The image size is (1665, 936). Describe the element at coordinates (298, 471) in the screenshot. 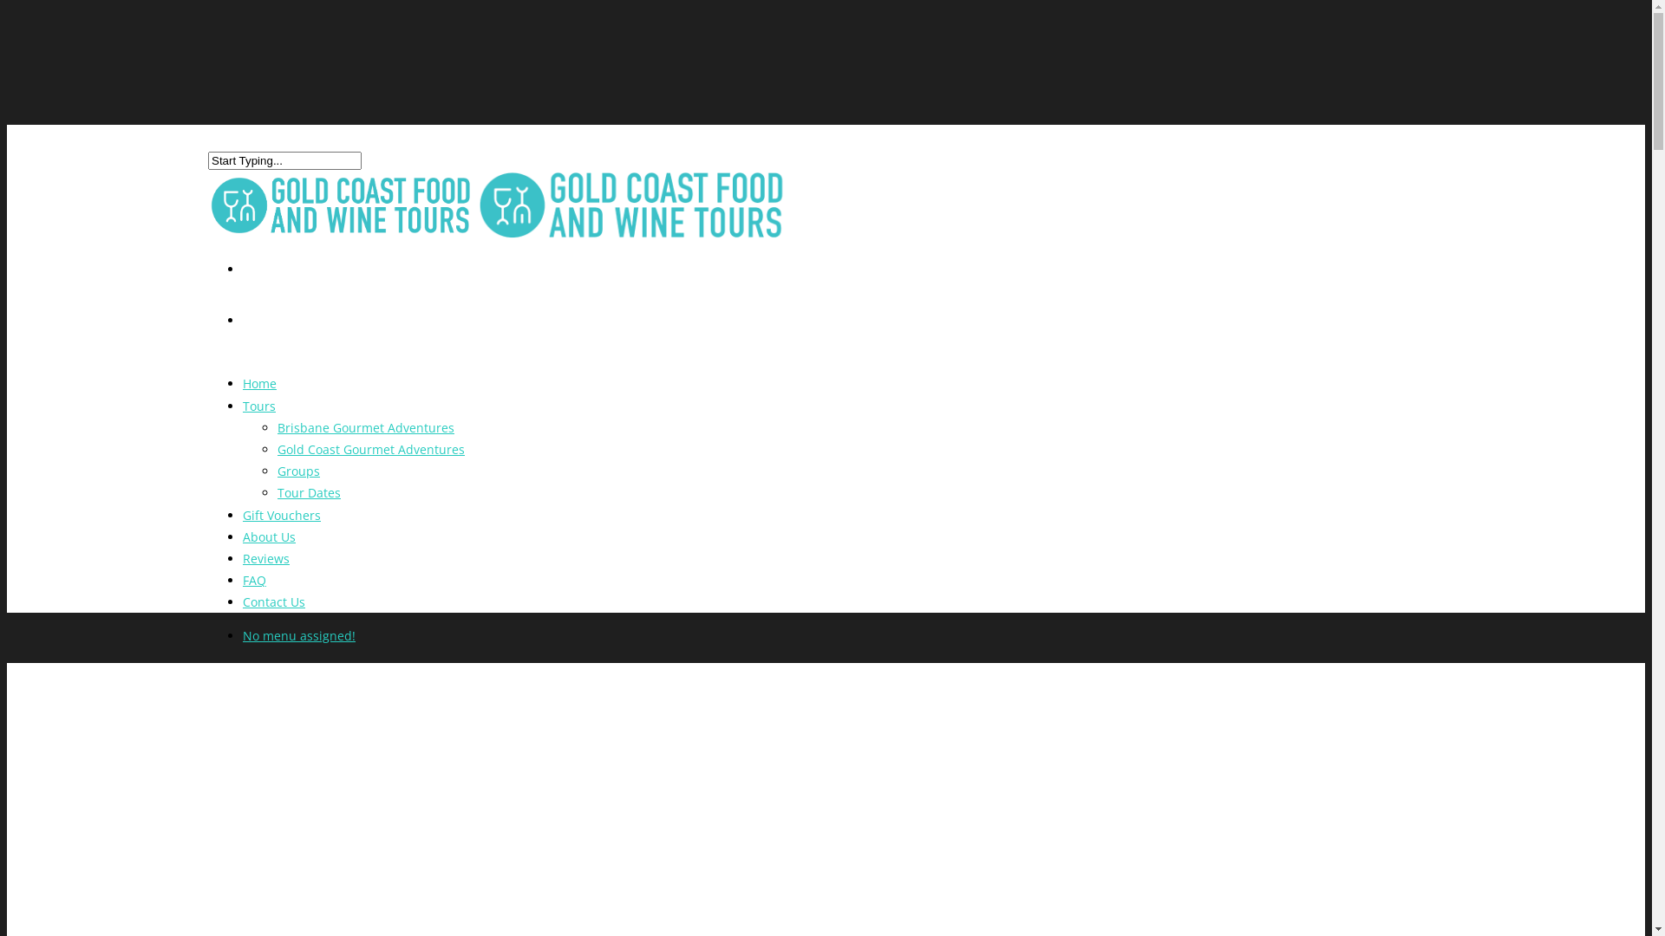

I see `'Groups'` at that location.